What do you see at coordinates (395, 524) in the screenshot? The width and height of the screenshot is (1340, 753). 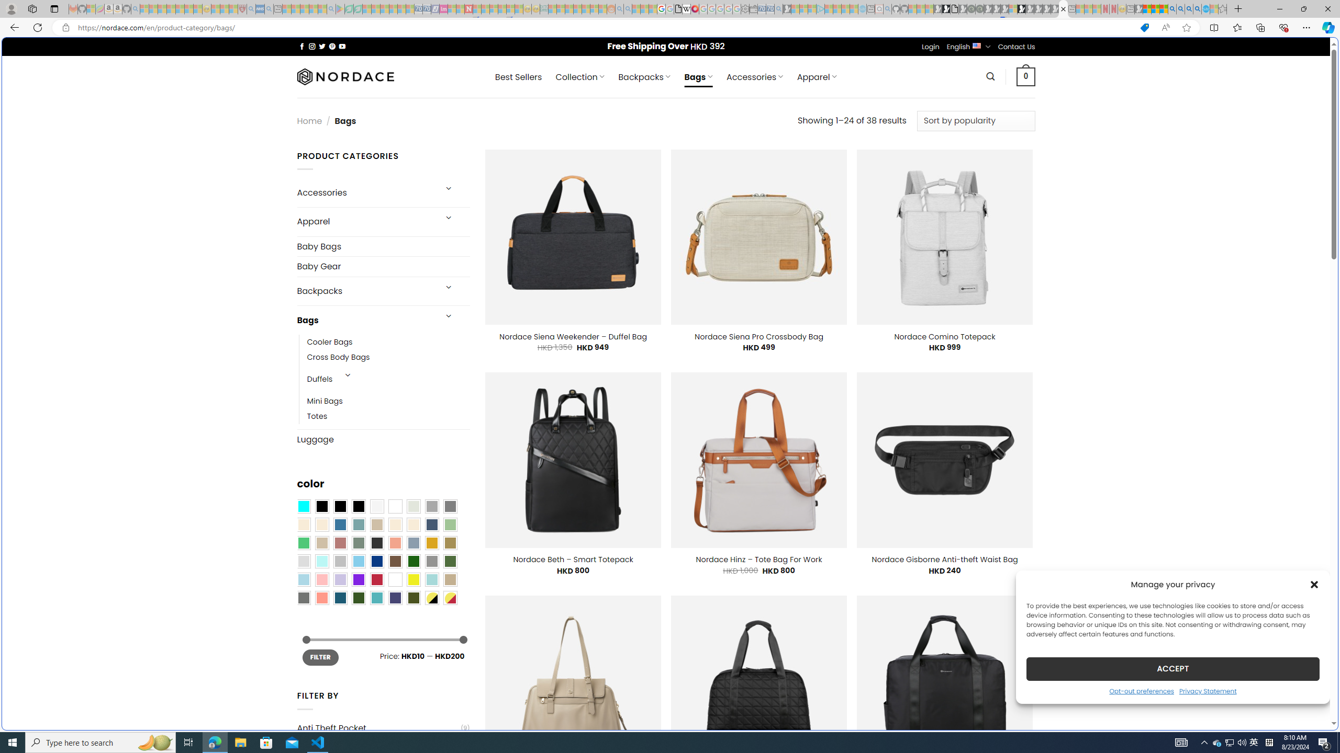 I see `'Caramel'` at bounding box center [395, 524].